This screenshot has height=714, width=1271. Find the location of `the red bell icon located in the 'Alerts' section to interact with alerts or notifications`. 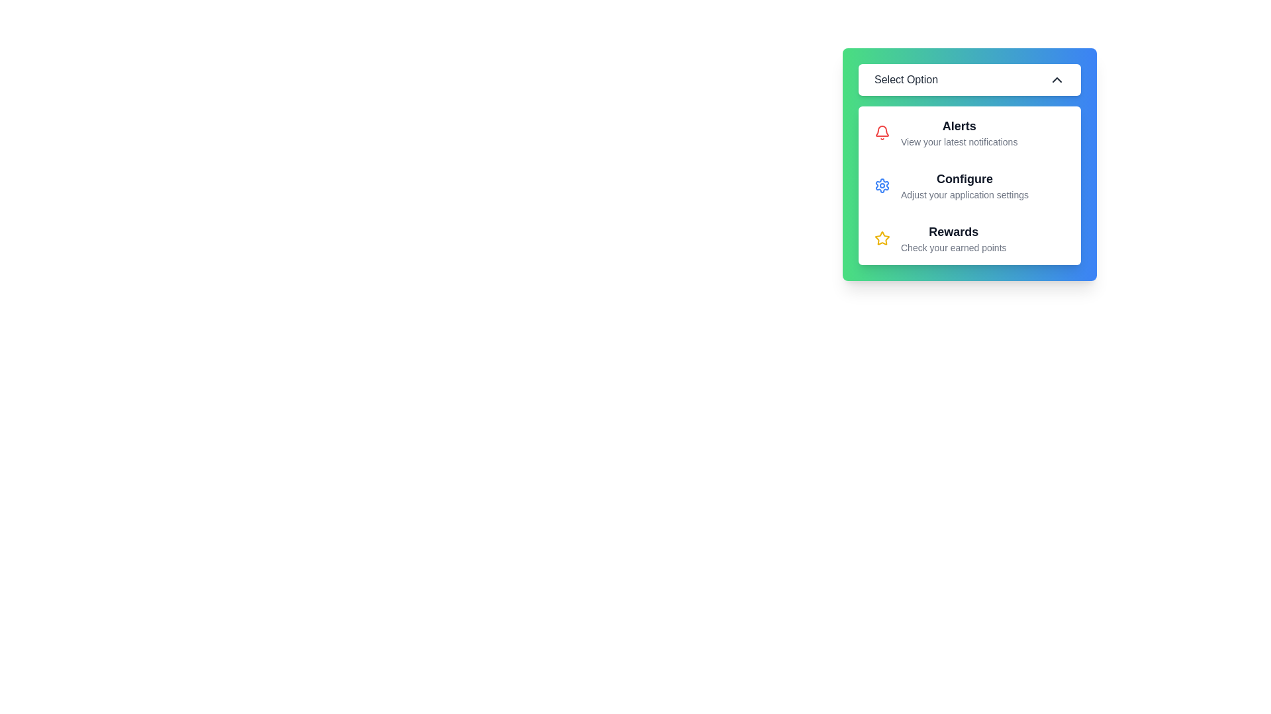

the red bell icon located in the 'Alerts' section to interact with alerts or notifications is located at coordinates (882, 132).